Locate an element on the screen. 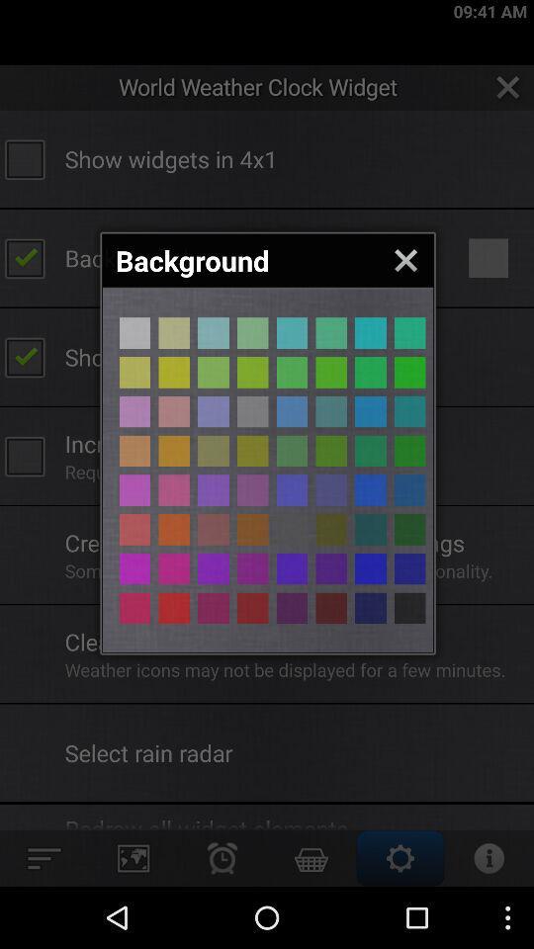  background colour button is located at coordinates (252, 489).